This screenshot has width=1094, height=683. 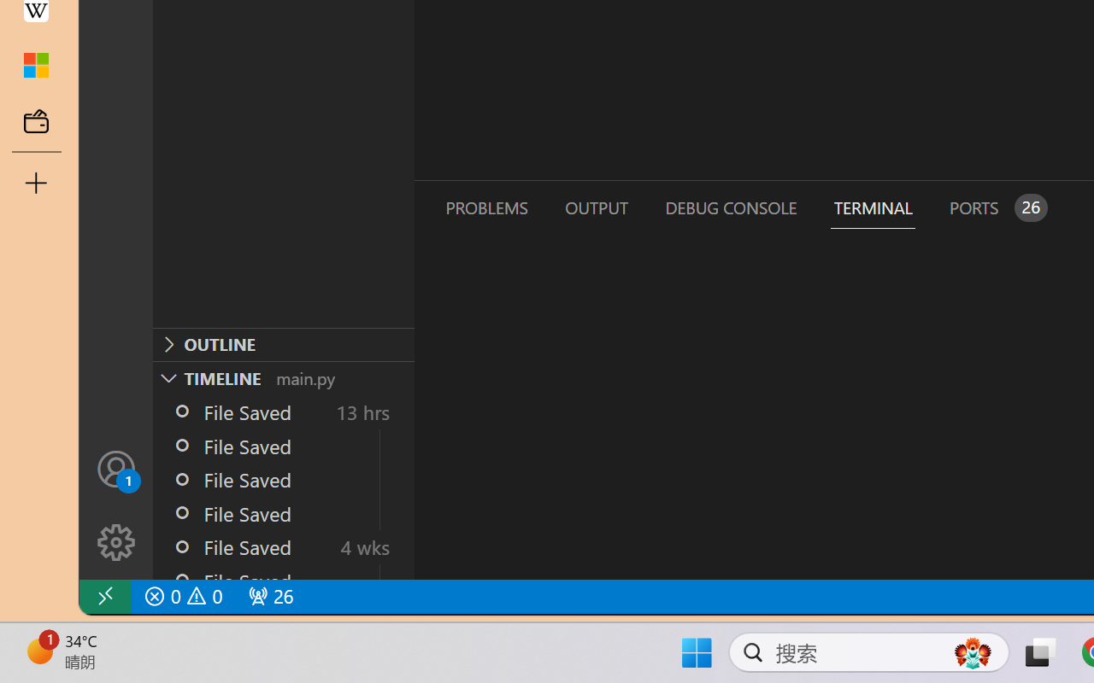 What do you see at coordinates (595, 207) in the screenshot?
I see `'Output (Ctrl+Shift+U)'` at bounding box center [595, 207].